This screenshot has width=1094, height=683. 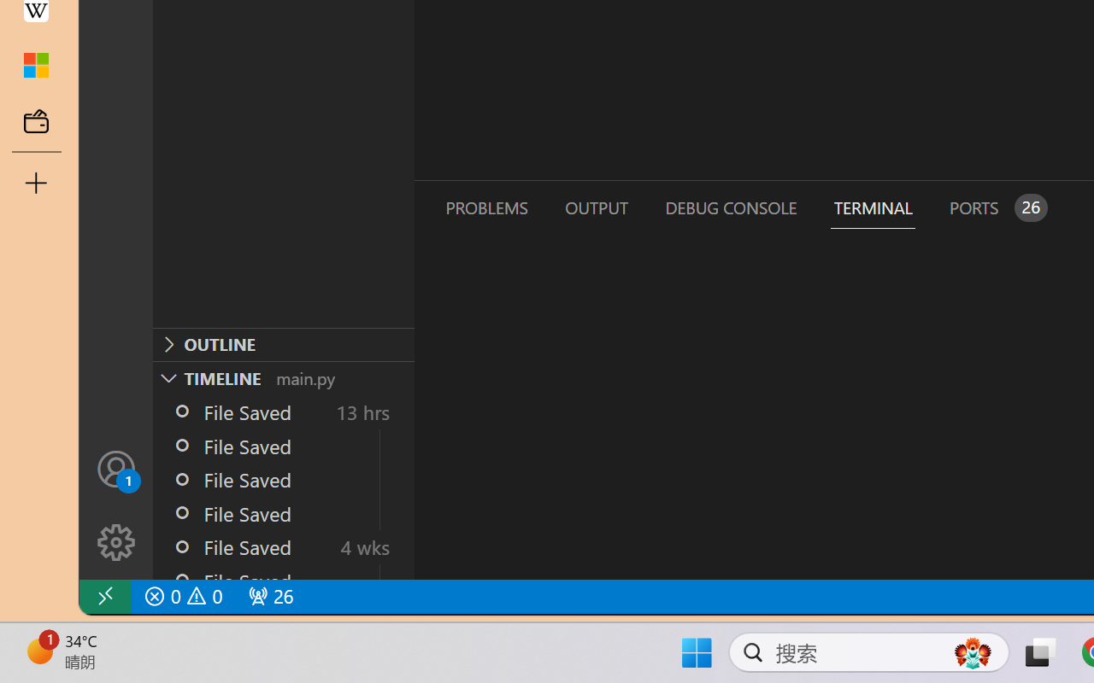 What do you see at coordinates (595, 207) in the screenshot?
I see `'Output (Ctrl+Shift+U)'` at bounding box center [595, 207].